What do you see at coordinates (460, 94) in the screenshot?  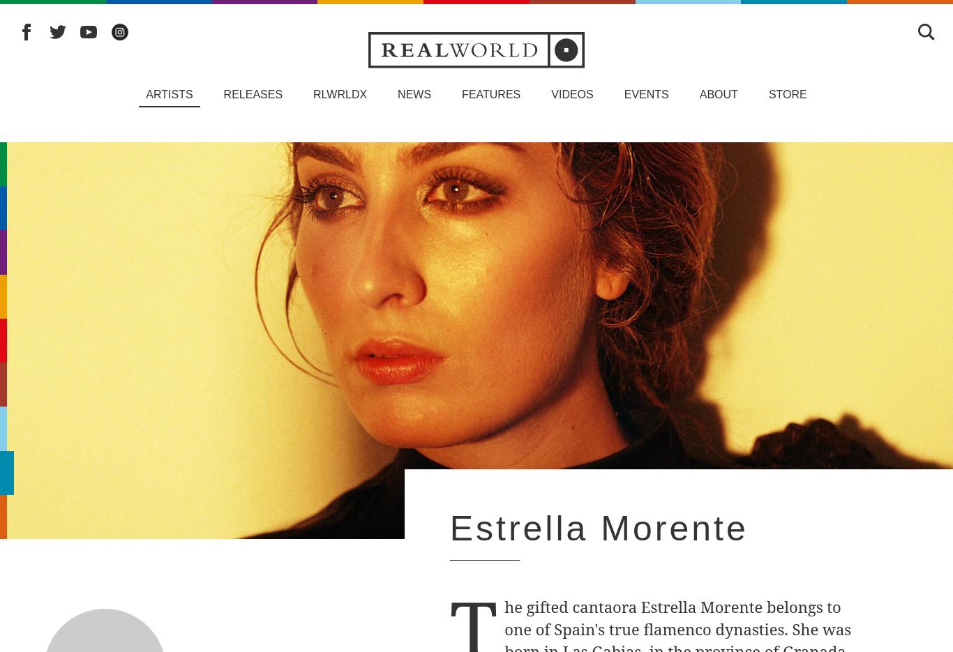 I see `'Features'` at bounding box center [460, 94].